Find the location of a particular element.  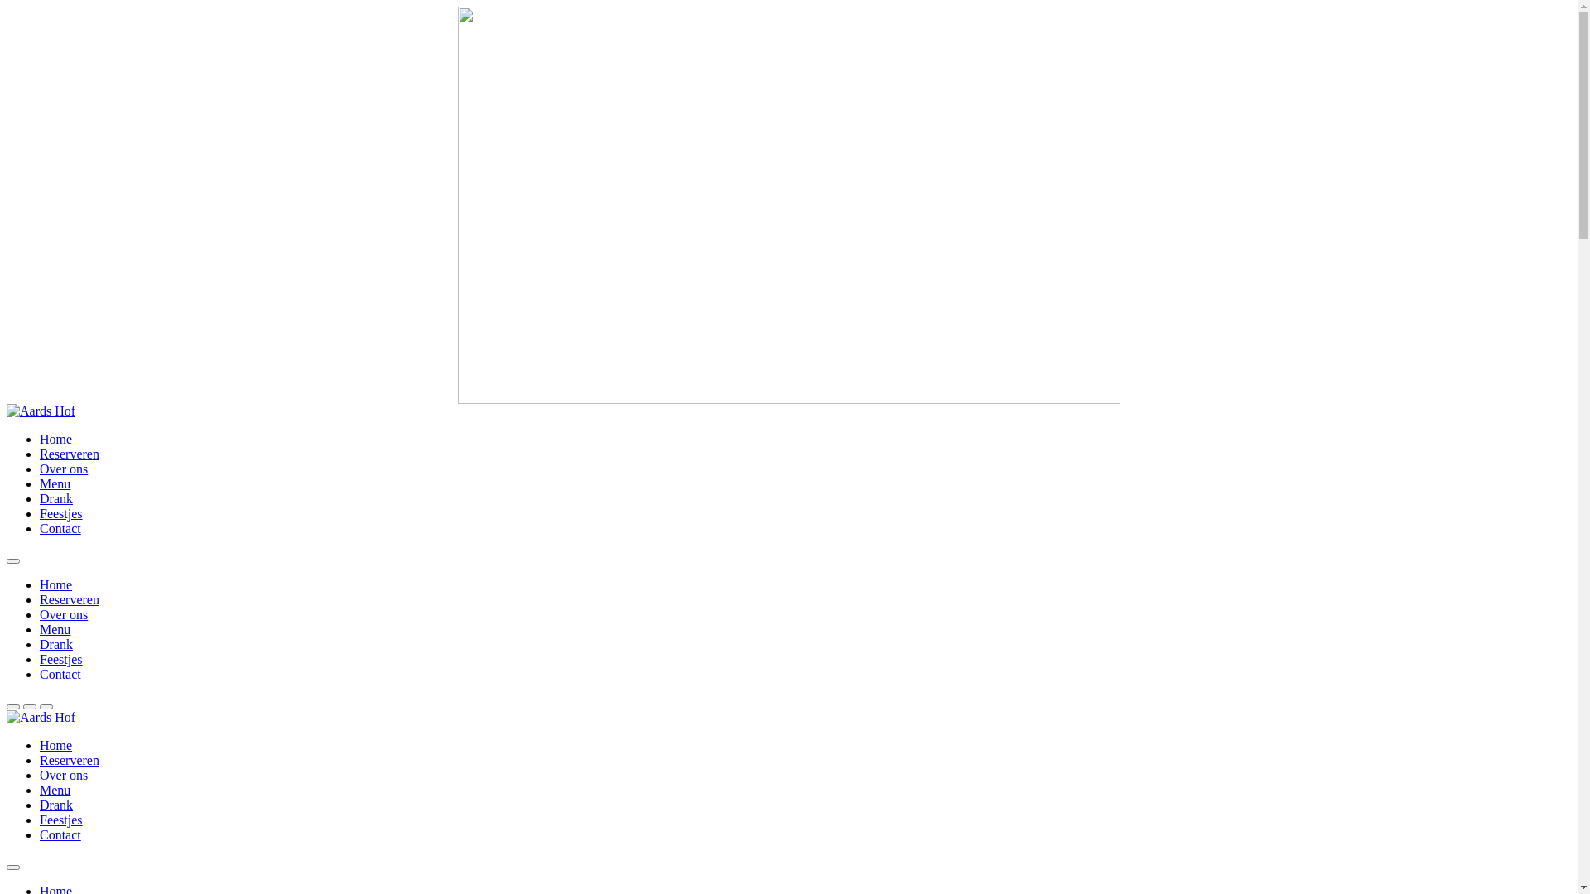

'Feestjes' is located at coordinates (60, 658).